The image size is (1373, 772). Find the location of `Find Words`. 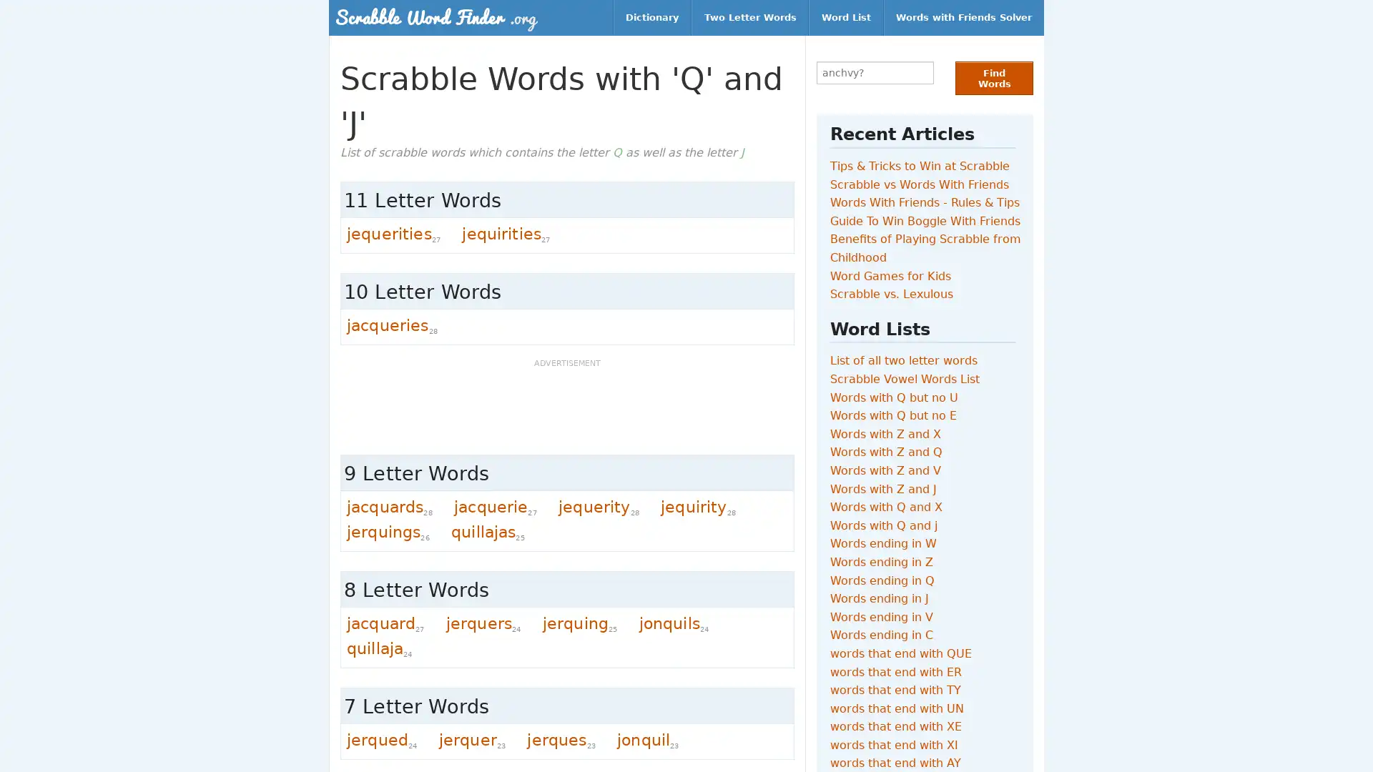

Find Words is located at coordinates (993, 78).